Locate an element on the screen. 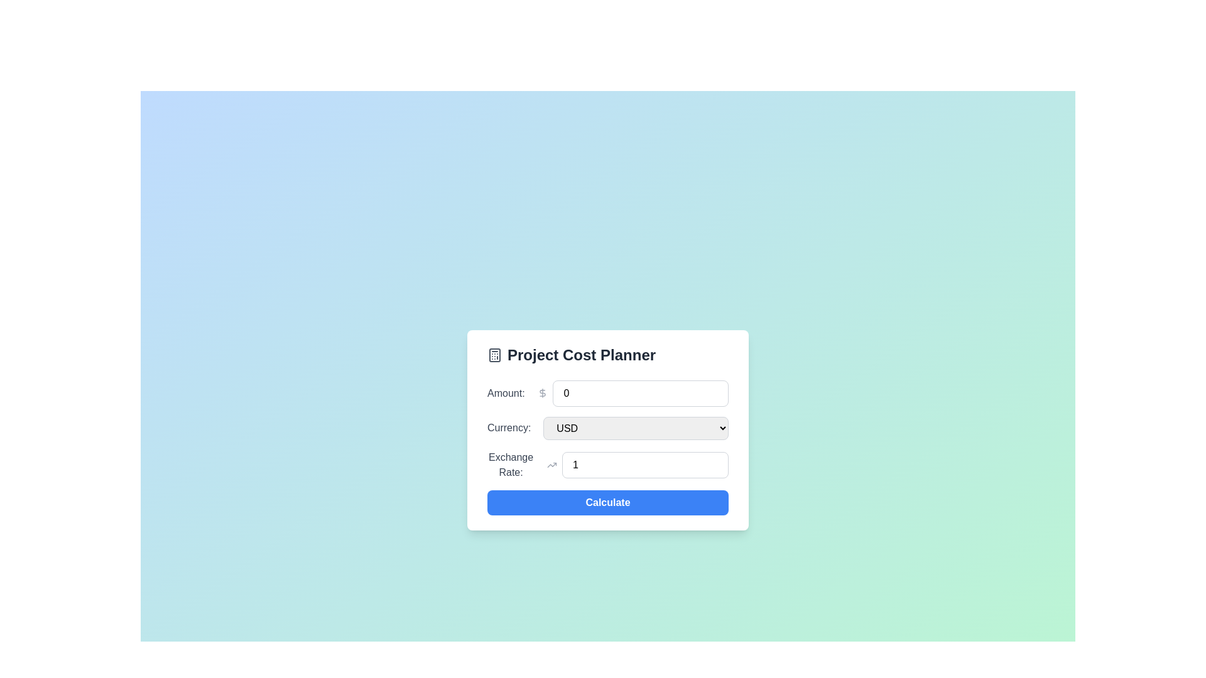 Image resolution: width=1206 pixels, height=678 pixels. an option from the currency dropdown menu located between the 'Amount:' input field and the 'Exchange Rate:' input field is located at coordinates (608, 428).